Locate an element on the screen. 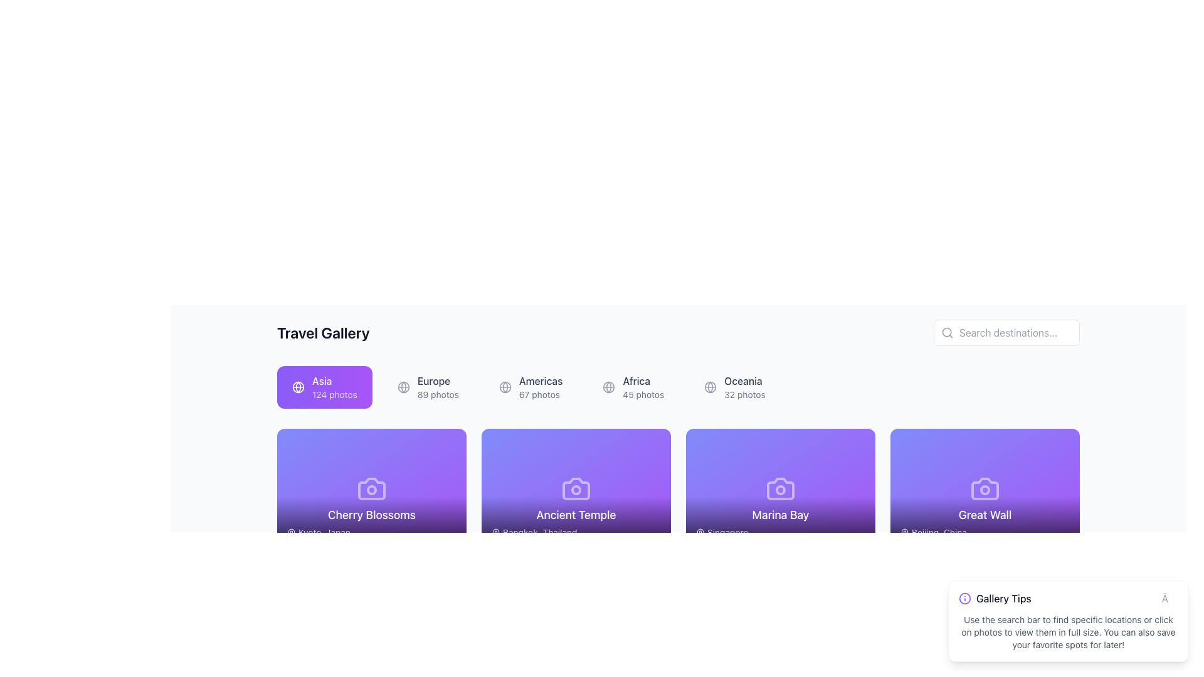  the camera icon located at the center of the upper section of the 'Great Wall' card, which is styled in a light color on a gradient background transitioning from purple to violet is located at coordinates (984, 488).